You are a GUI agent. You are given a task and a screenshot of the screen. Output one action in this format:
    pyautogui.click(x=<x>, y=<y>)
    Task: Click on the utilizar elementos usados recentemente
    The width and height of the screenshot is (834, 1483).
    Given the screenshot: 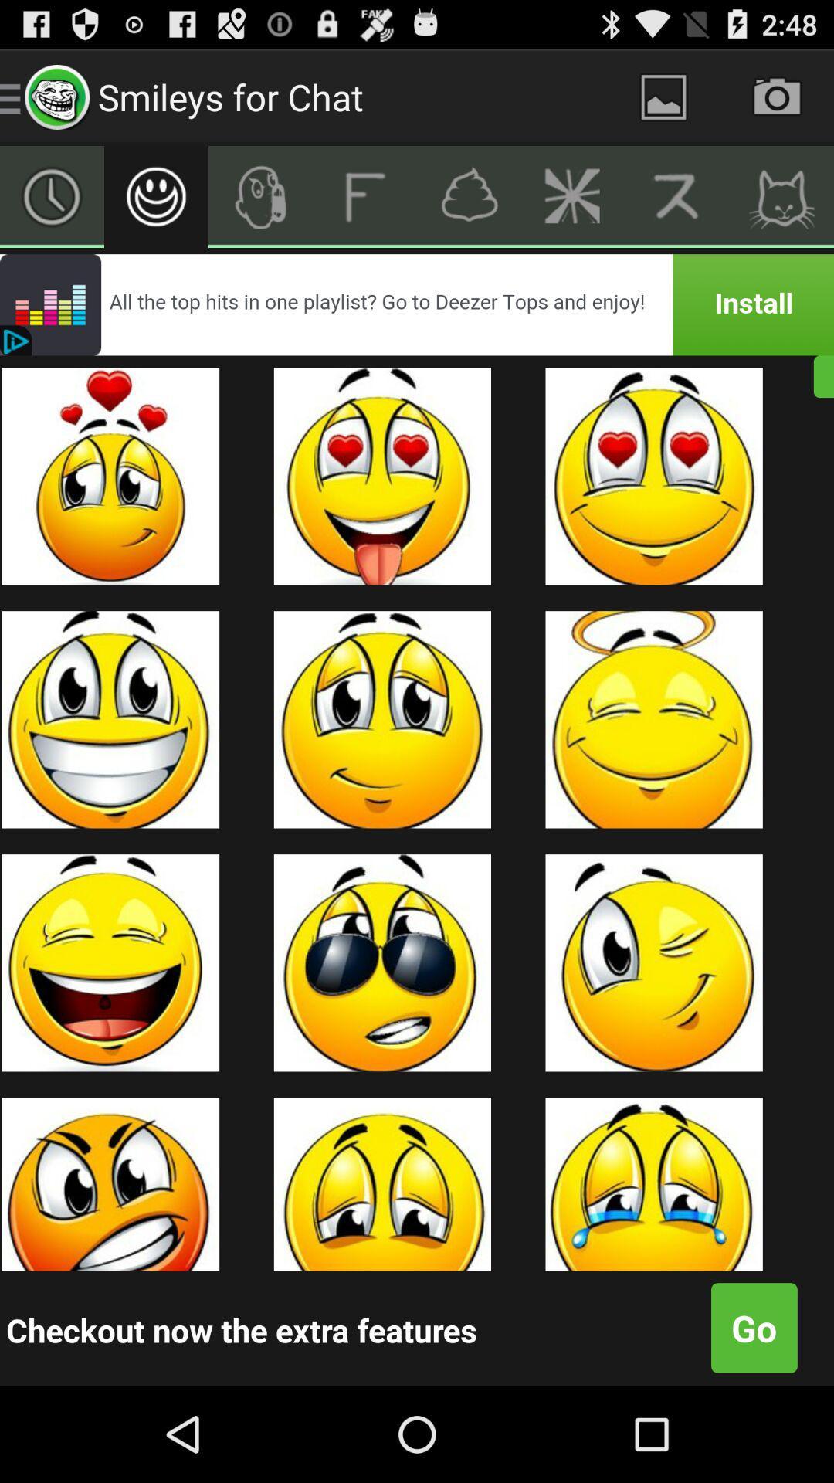 What is the action you would take?
    pyautogui.click(x=51, y=195)
    